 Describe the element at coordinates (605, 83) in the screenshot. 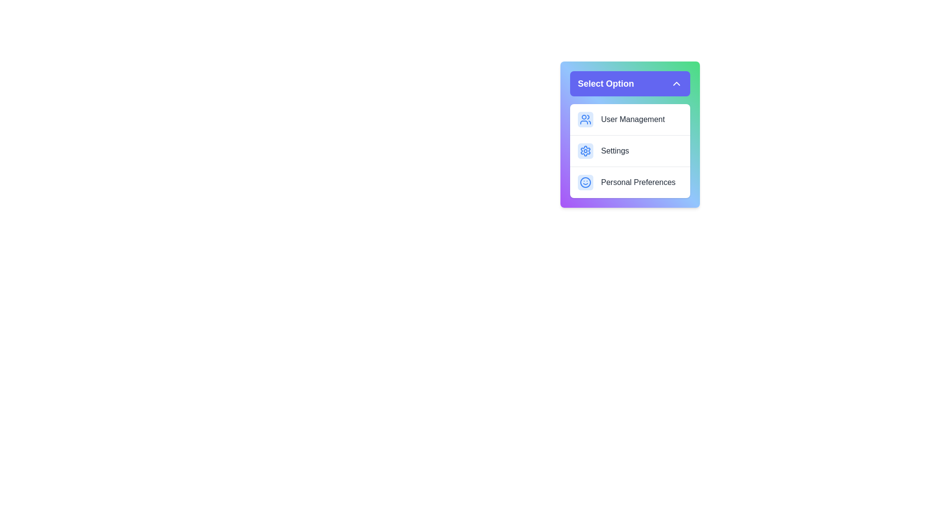

I see `the 'Select Option' text label element, which is part of the dropdown menu header with a blue background` at that location.